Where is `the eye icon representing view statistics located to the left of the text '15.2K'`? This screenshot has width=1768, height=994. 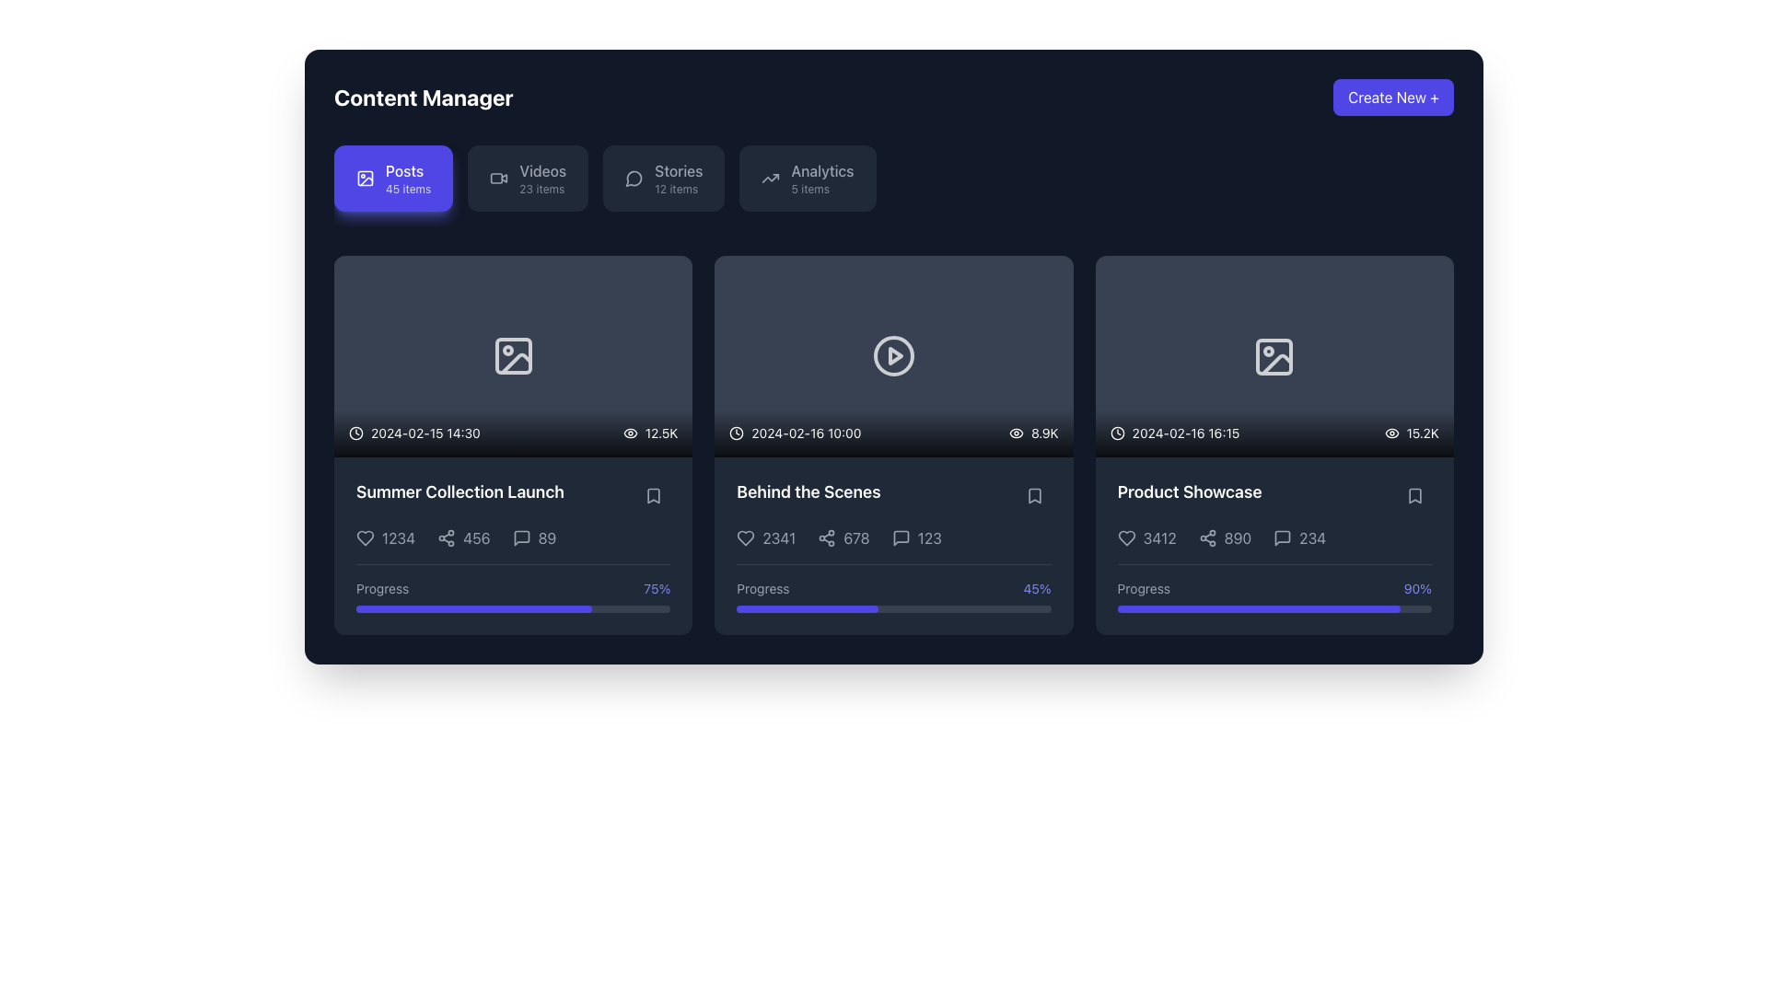
the eye icon representing view statistics located to the left of the text '15.2K' is located at coordinates (1391, 433).